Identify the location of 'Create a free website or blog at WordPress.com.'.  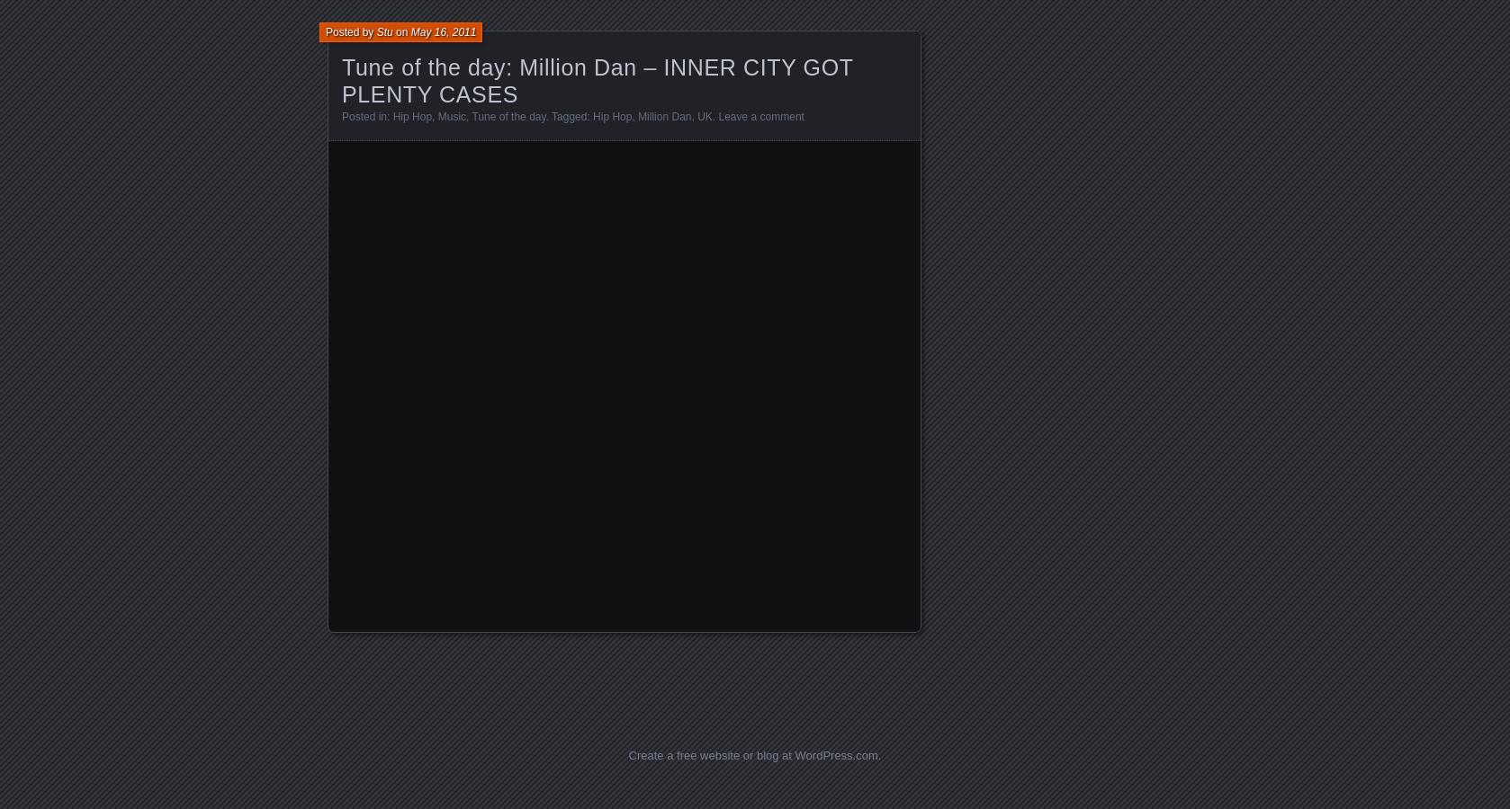
(627, 754).